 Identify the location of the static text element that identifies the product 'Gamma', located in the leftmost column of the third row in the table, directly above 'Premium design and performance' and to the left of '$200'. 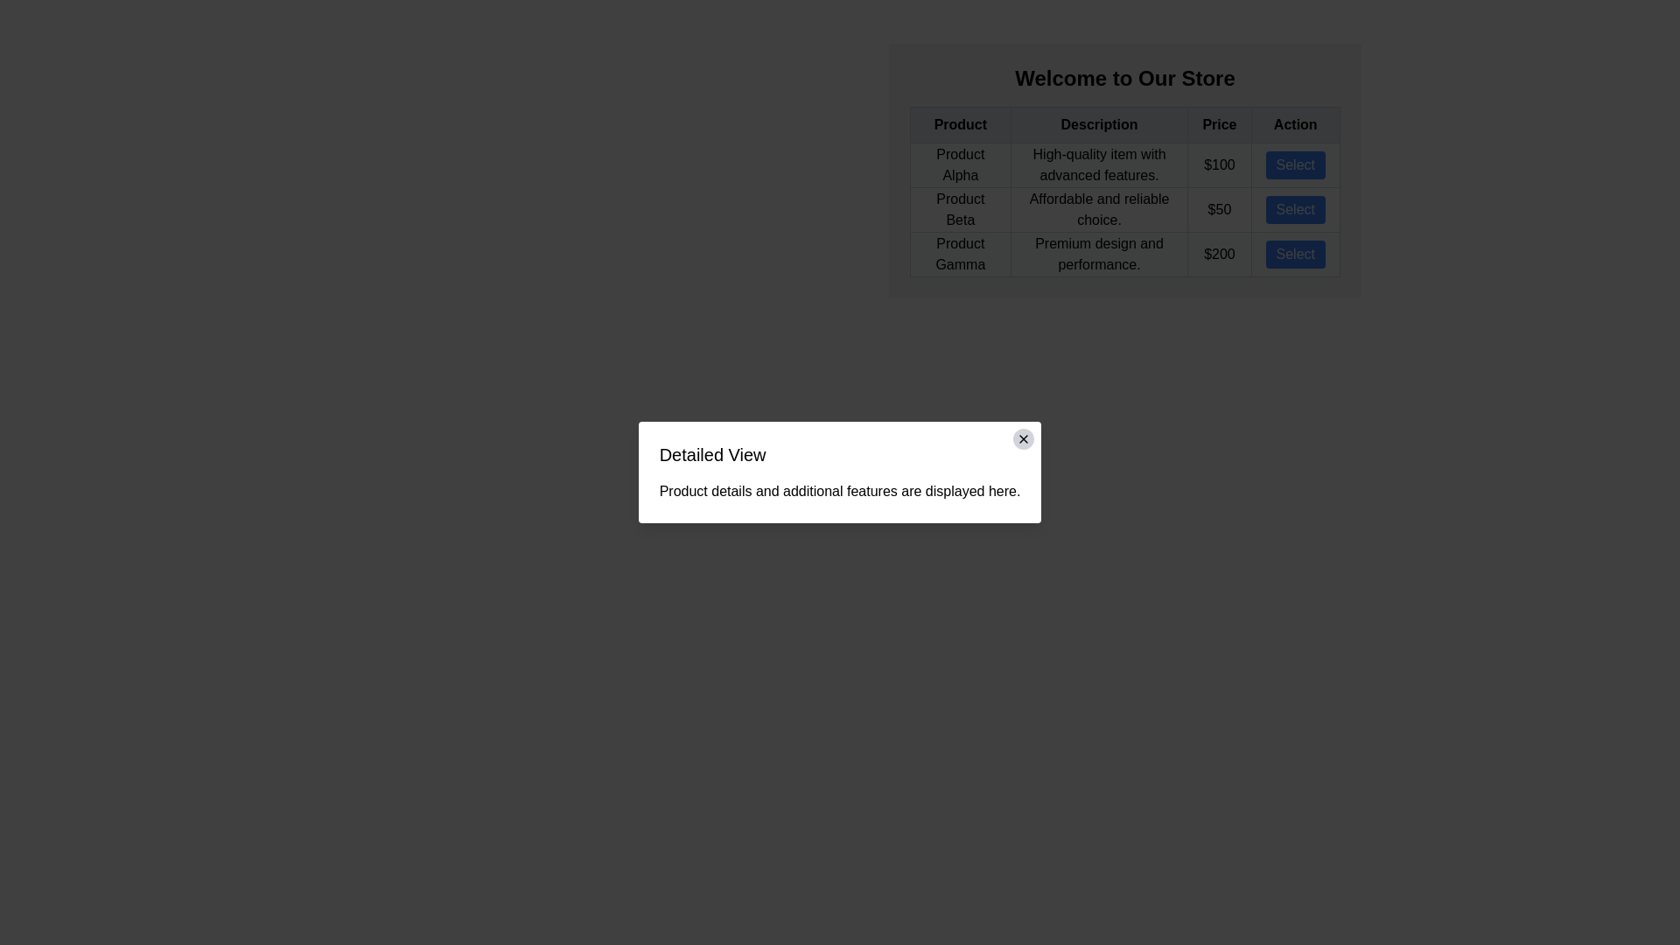
(959, 254).